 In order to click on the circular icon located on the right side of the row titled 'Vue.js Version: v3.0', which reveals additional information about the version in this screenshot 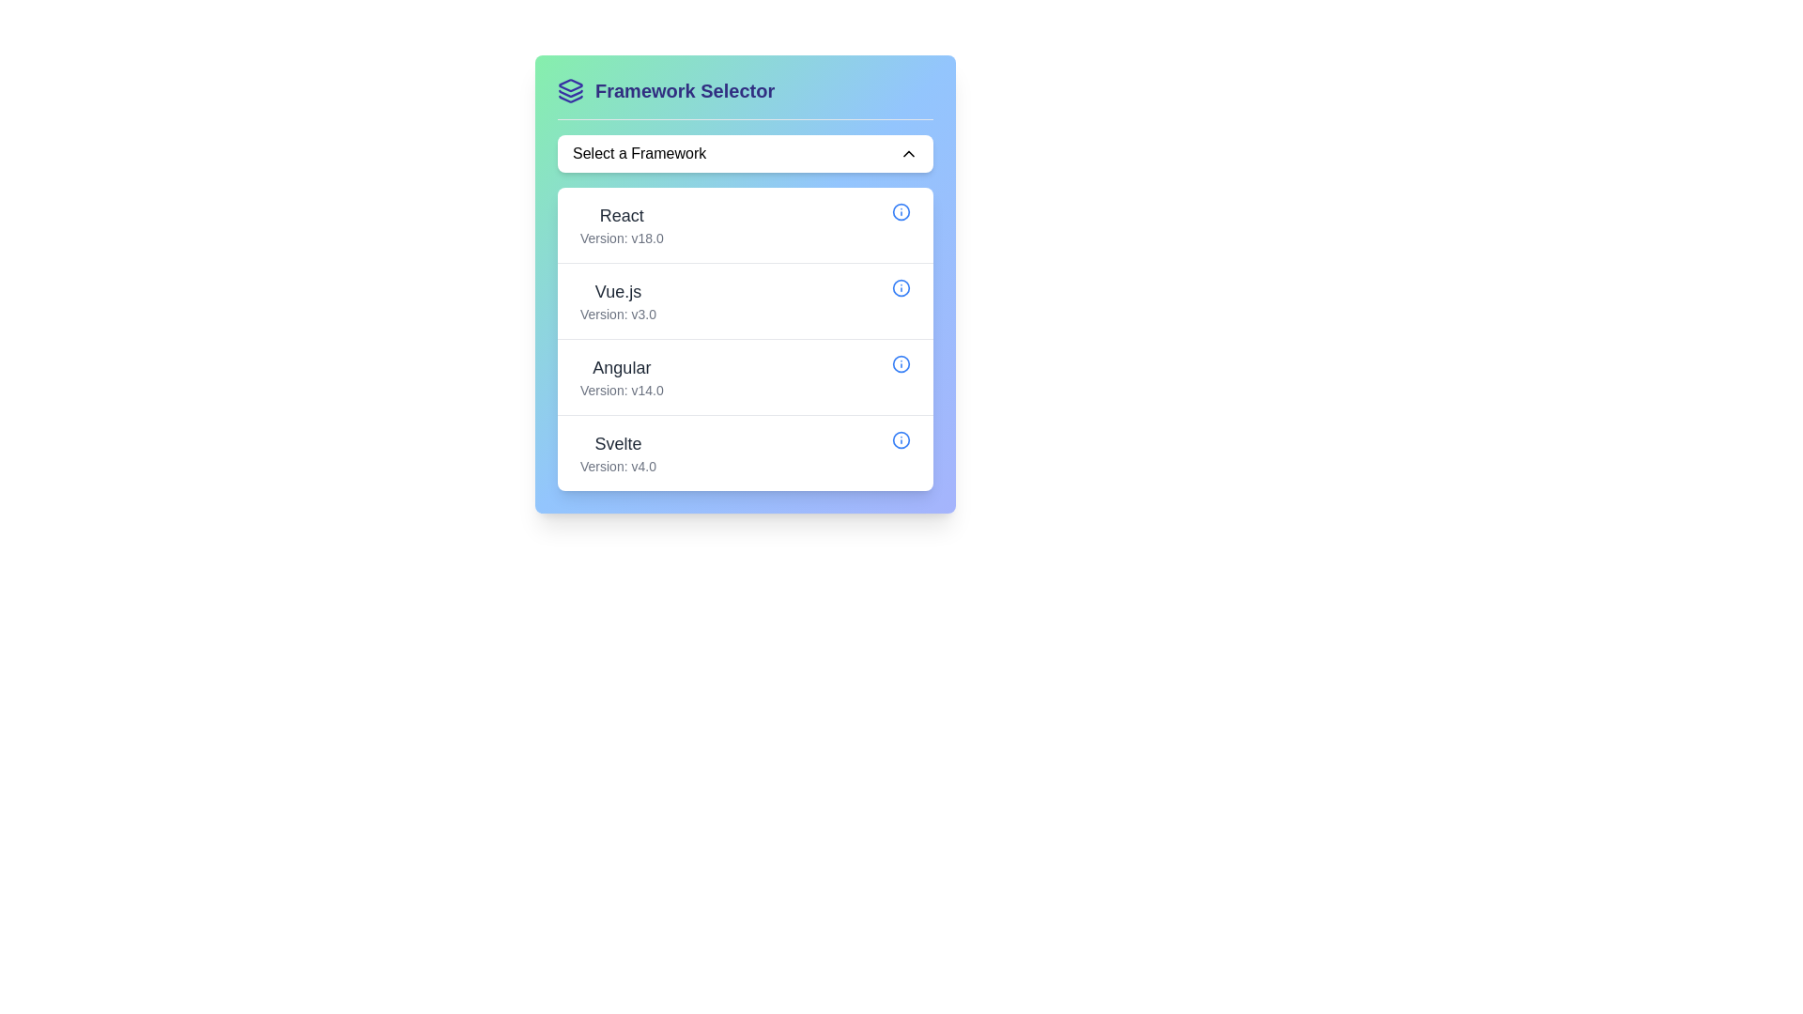, I will do `click(901, 288)`.